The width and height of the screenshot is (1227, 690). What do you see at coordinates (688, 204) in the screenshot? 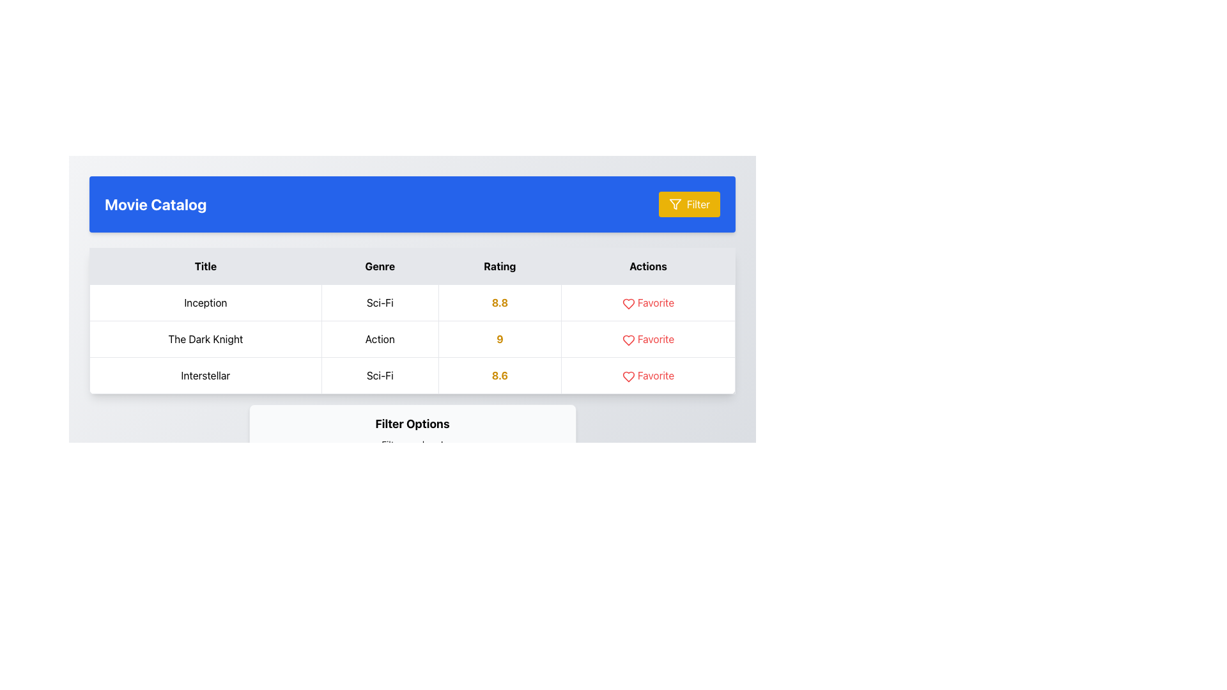
I see `the filter button located in the top-right corner of the 'Movie Catalog' section` at bounding box center [688, 204].